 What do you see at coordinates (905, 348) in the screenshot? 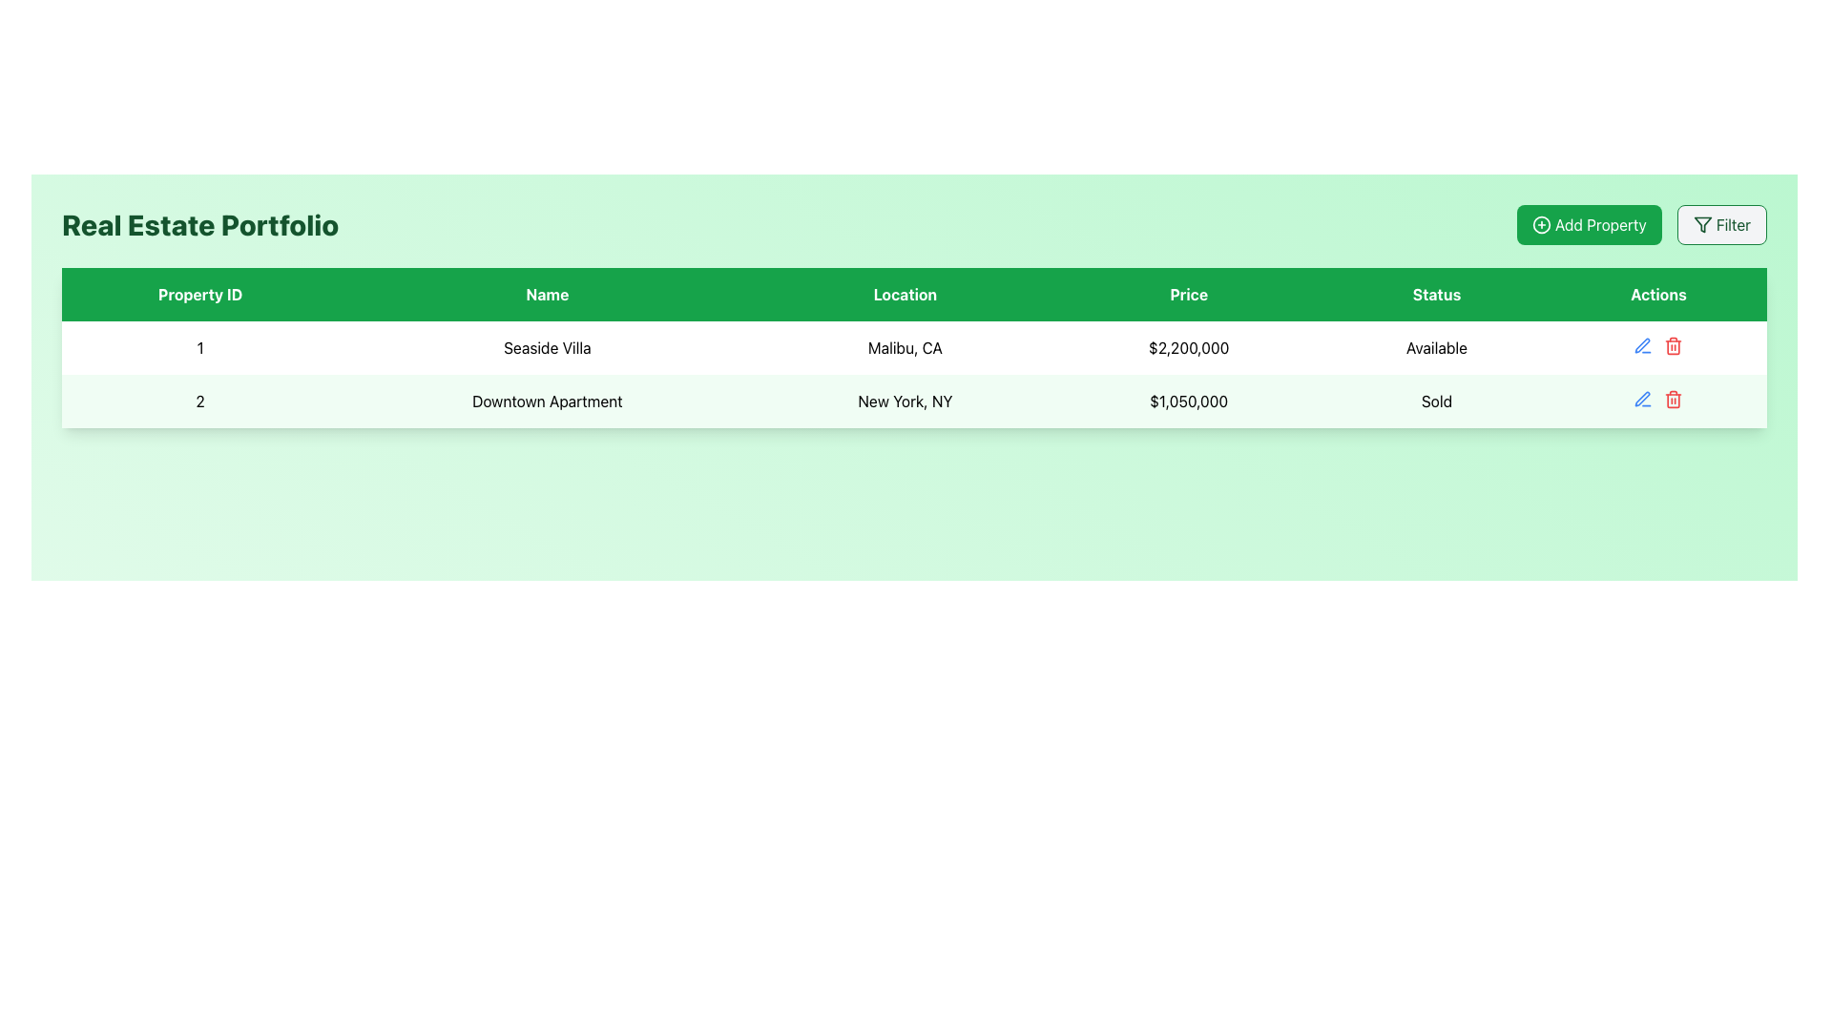
I see `the text label displaying 'Malibu, CA' in the third column of the first row of the property information table` at bounding box center [905, 348].